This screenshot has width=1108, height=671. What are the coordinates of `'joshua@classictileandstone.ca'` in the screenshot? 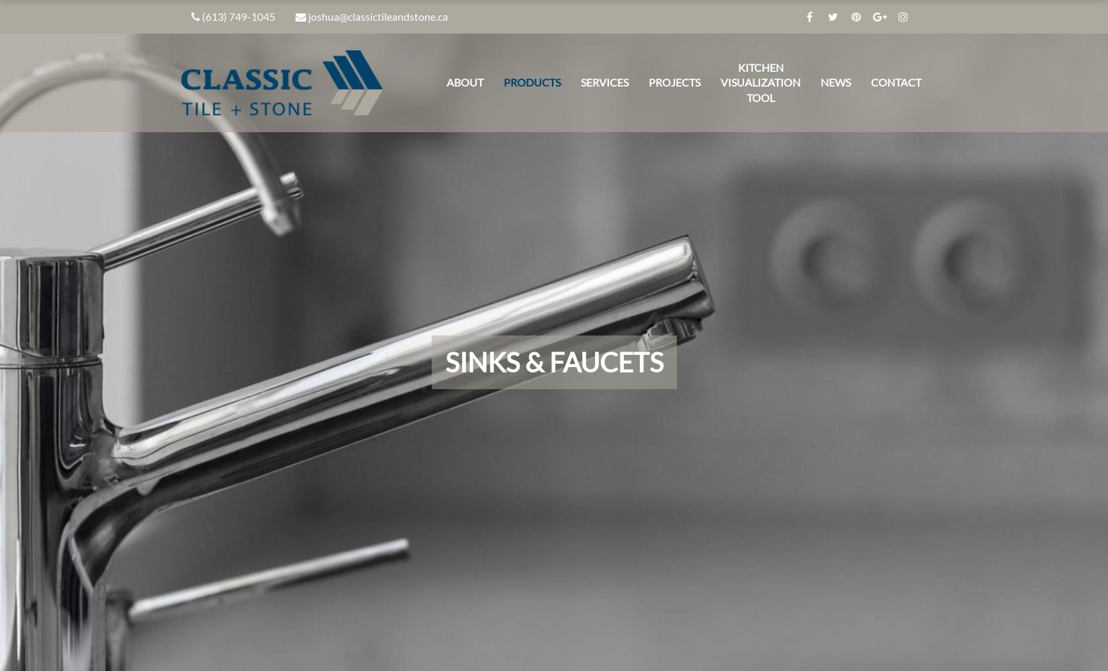 It's located at (377, 16).